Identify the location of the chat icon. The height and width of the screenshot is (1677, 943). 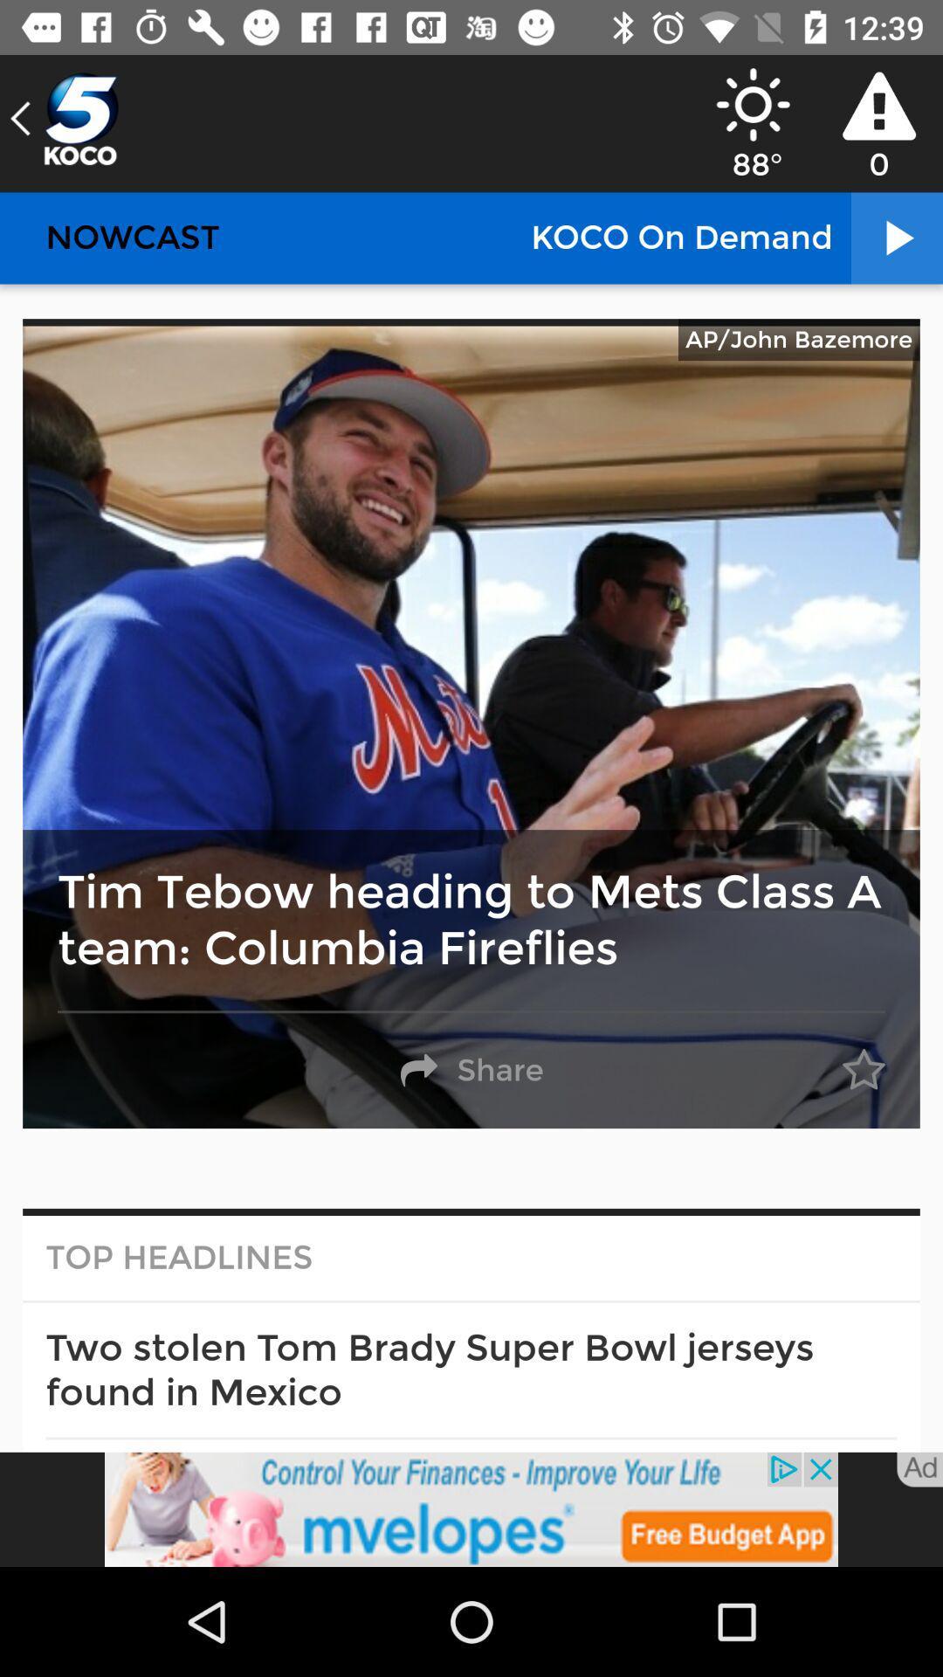
(63, 118).